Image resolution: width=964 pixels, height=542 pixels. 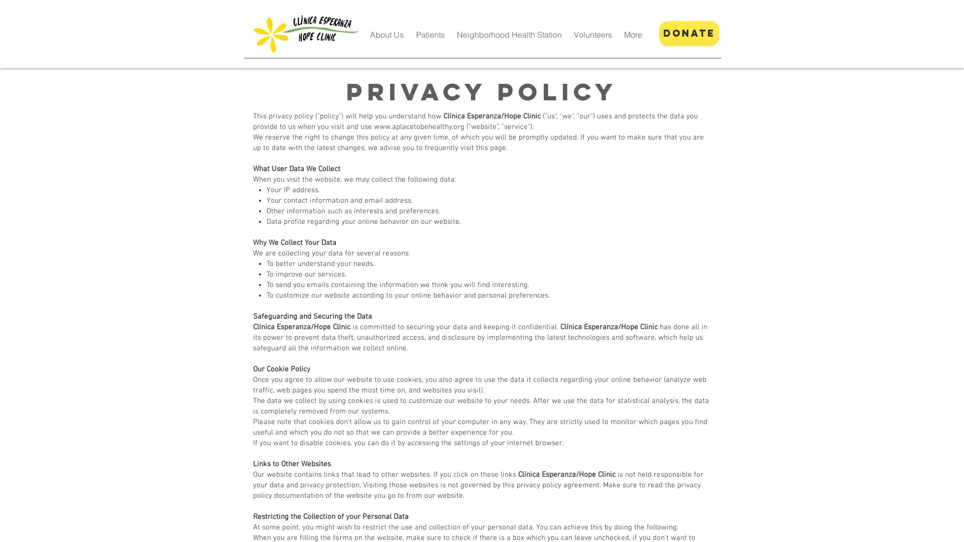 What do you see at coordinates (951, 525) in the screenshot?
I see `Close` at bounding box center [951, 525].